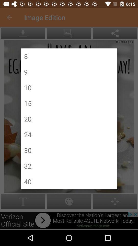 The image size is (138, 246). Describe the element at coordinates (28, 166) in the screenshot. I see `icon above the 40 item` at that location.